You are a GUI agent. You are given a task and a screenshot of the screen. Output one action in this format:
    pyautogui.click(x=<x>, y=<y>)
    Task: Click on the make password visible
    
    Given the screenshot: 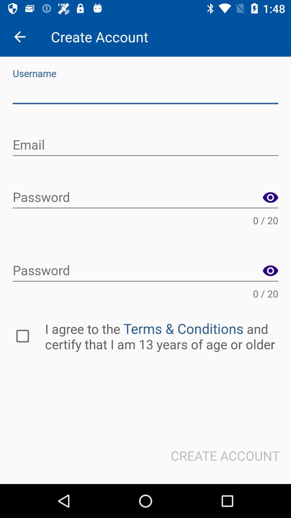 What is the action you would take?
    pyautogui.click(x=270, y=197)
    